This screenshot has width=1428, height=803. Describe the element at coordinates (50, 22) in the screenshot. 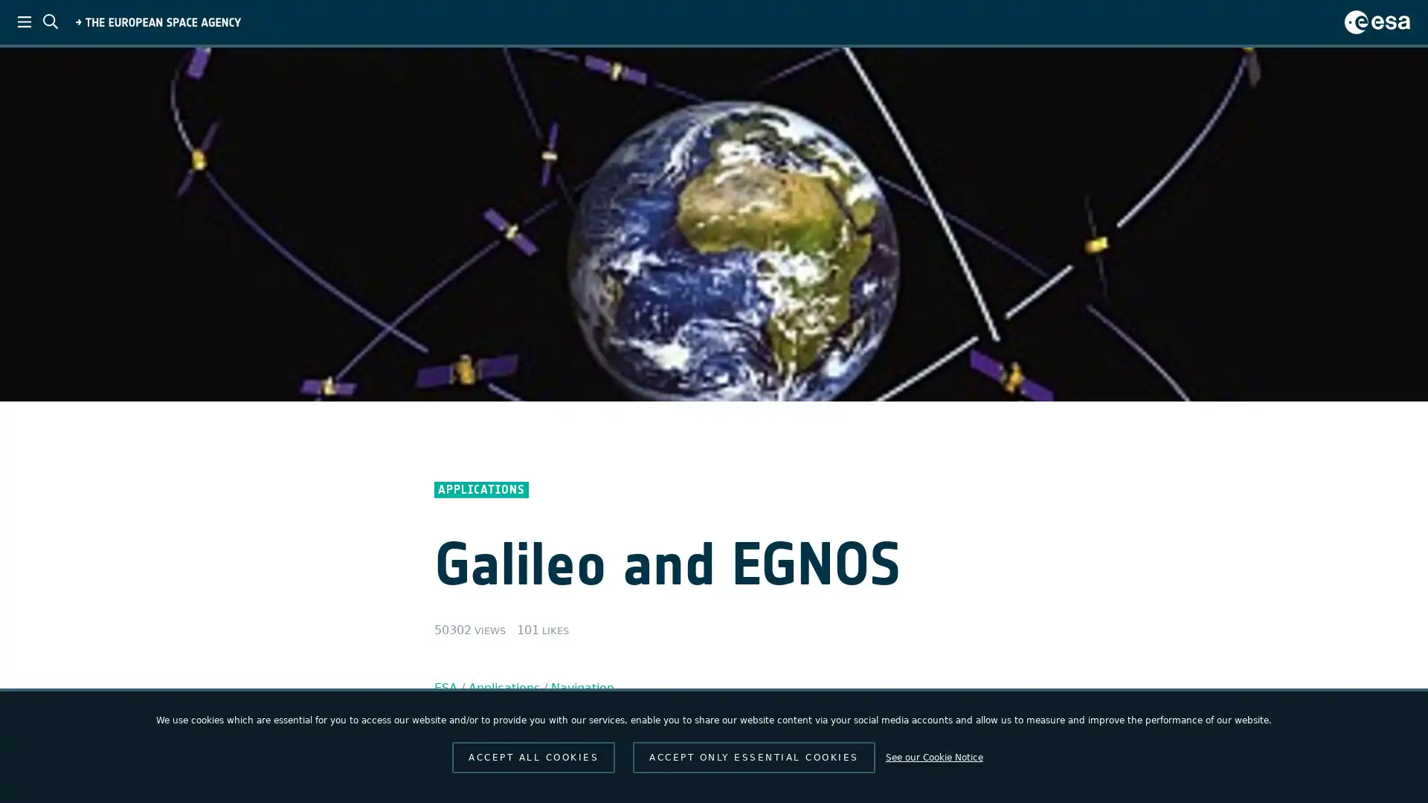

I see `ESA search toggle` at that location.